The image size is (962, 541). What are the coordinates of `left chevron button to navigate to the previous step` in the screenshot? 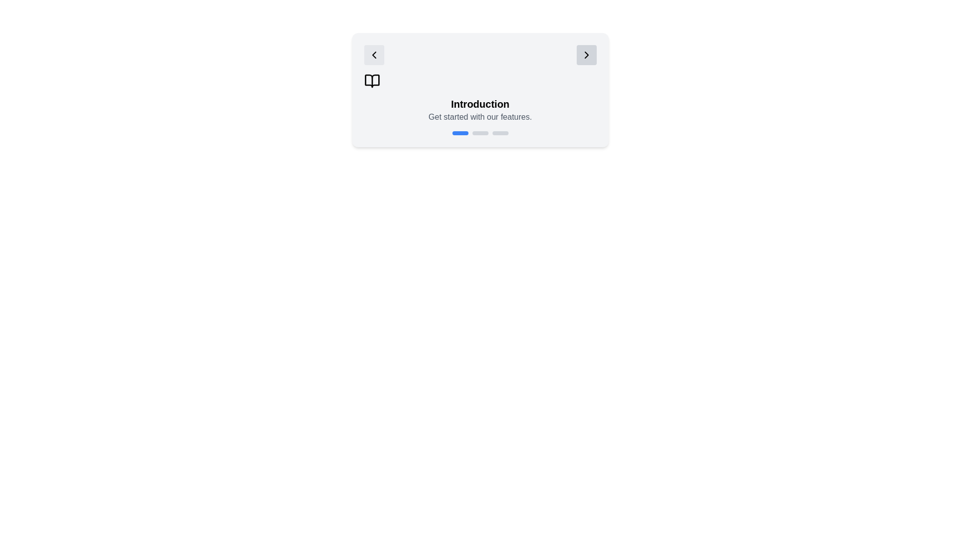 It's located at (373, 55).